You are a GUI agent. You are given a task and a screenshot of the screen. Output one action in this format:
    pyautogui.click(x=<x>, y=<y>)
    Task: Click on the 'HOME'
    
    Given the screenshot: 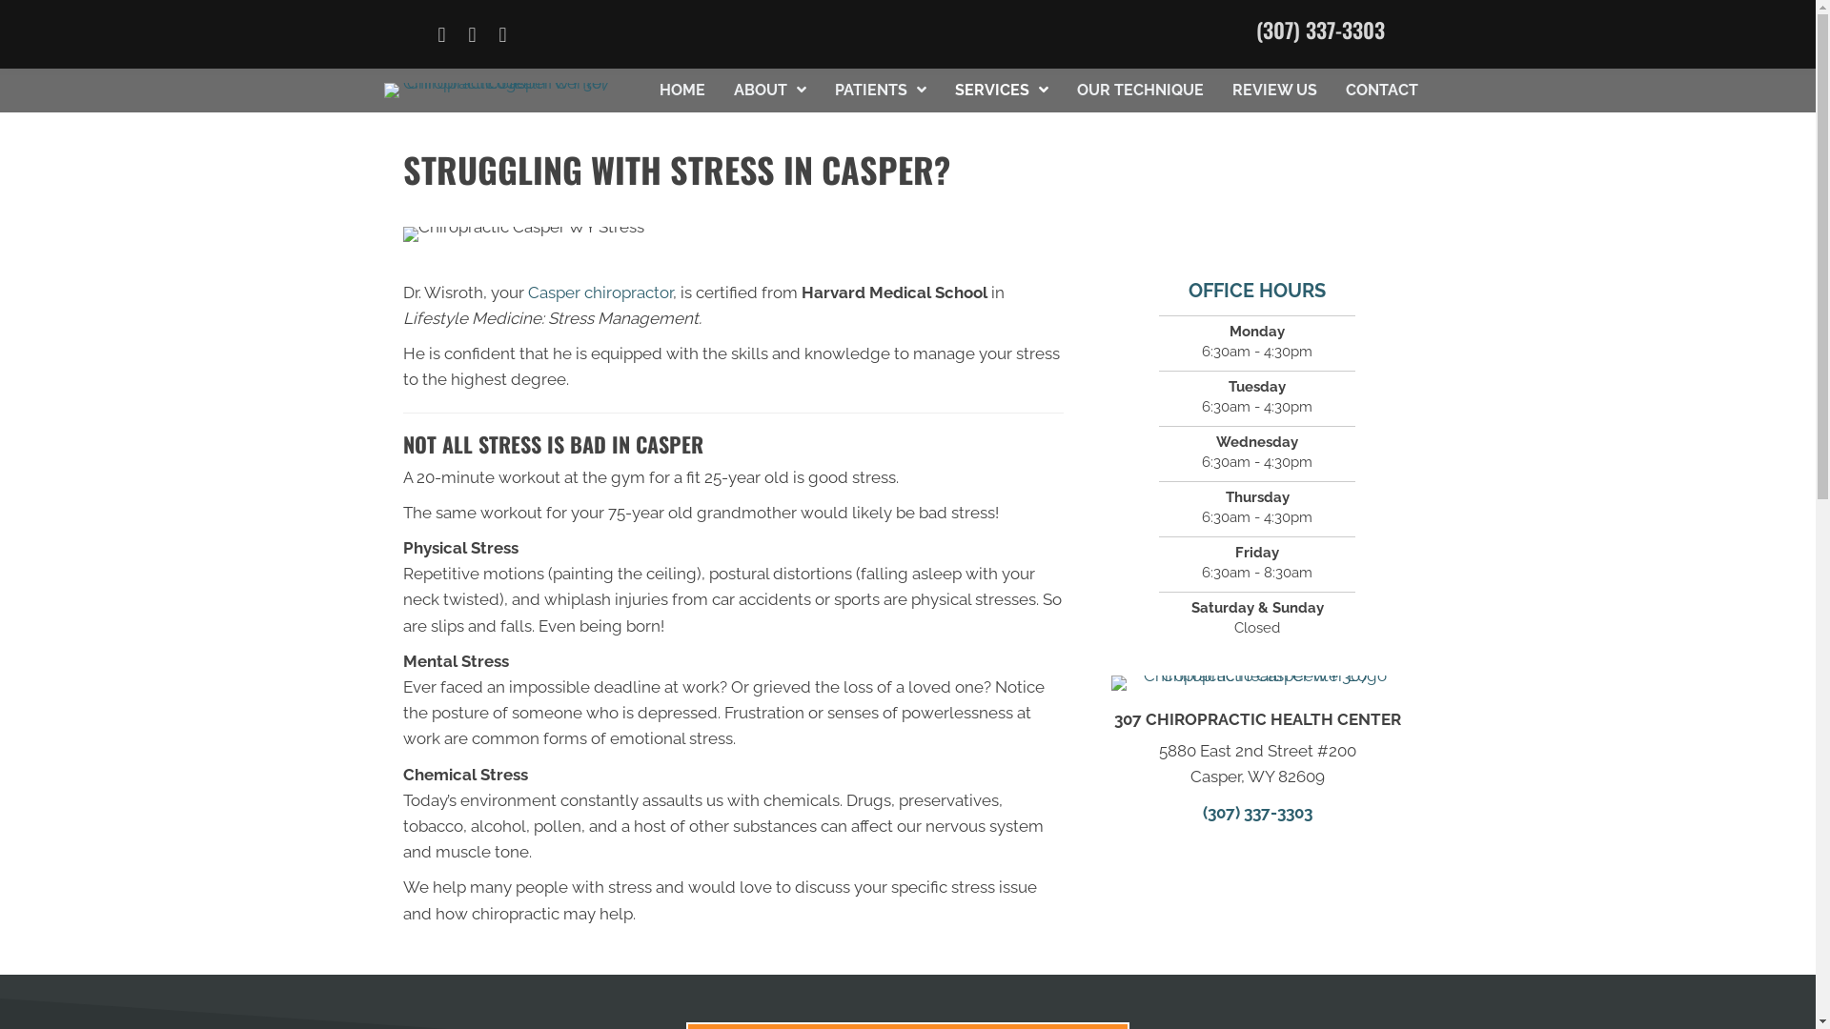 What is the action you would take?
    pyautogui.click(x=681, y=91)
    